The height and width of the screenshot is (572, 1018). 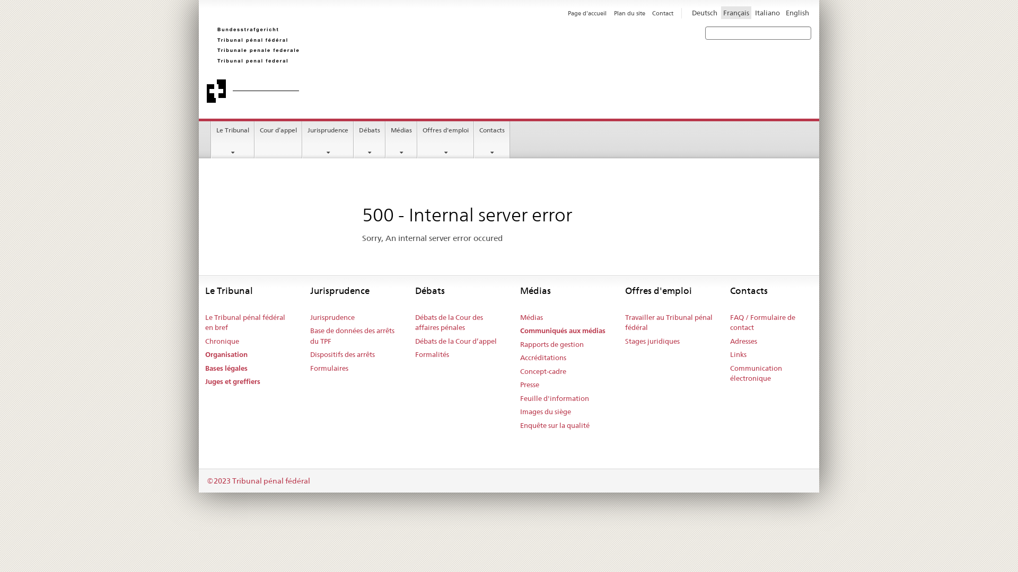 What do you see at coordinates (232, 382) in the screenshot?
I see `'Juges et greffiers'` at bounding box center [232, 382].